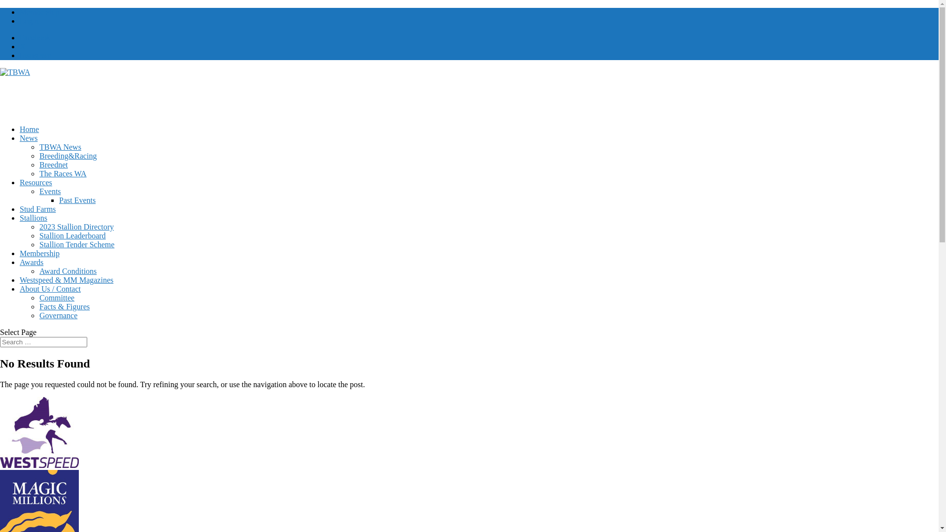 This screenshot has width=946, height=532. Describe the element at coordinates (35, 55) in the screenshot. I see `'Instagram'` at that location.